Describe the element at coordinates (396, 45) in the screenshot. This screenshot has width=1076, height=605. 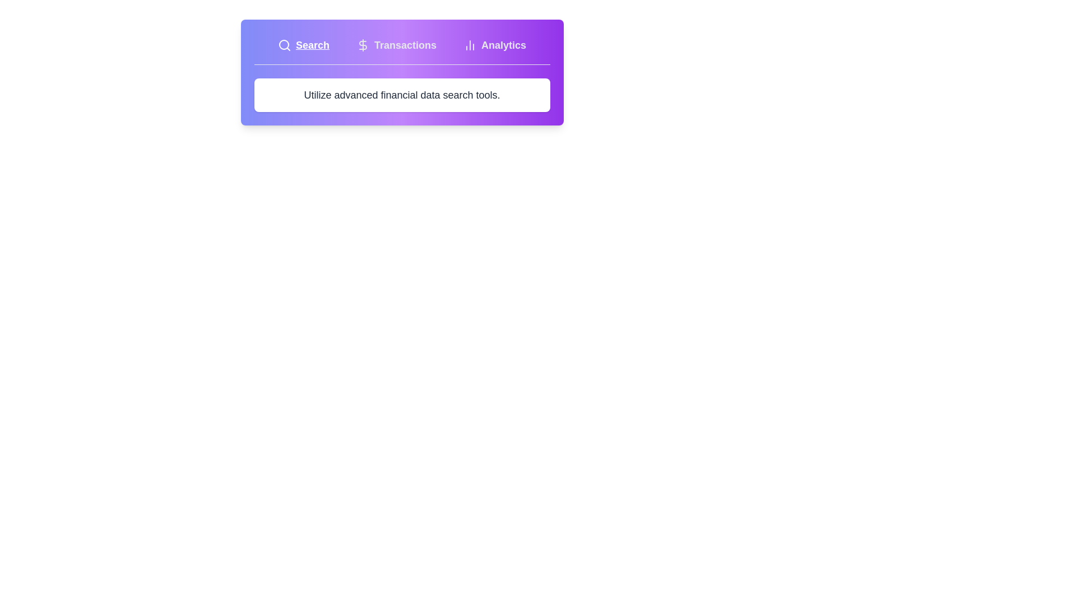
I see `the tab labeled Transactions` at that location.